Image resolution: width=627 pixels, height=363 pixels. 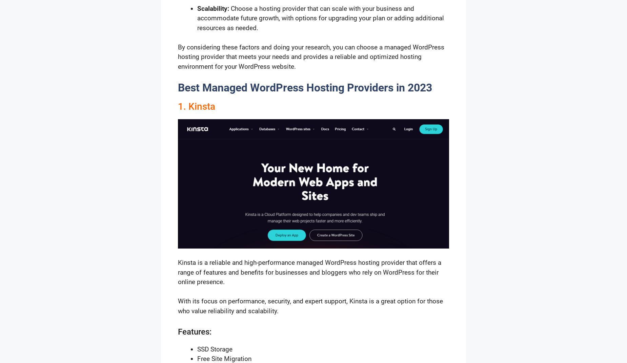 I want to click on 'Choose a hosting provider that can scale with your business and accommodate future growth, with options for upgrading your plan or adding additional resources as needed.', so click(x=320, y=17).